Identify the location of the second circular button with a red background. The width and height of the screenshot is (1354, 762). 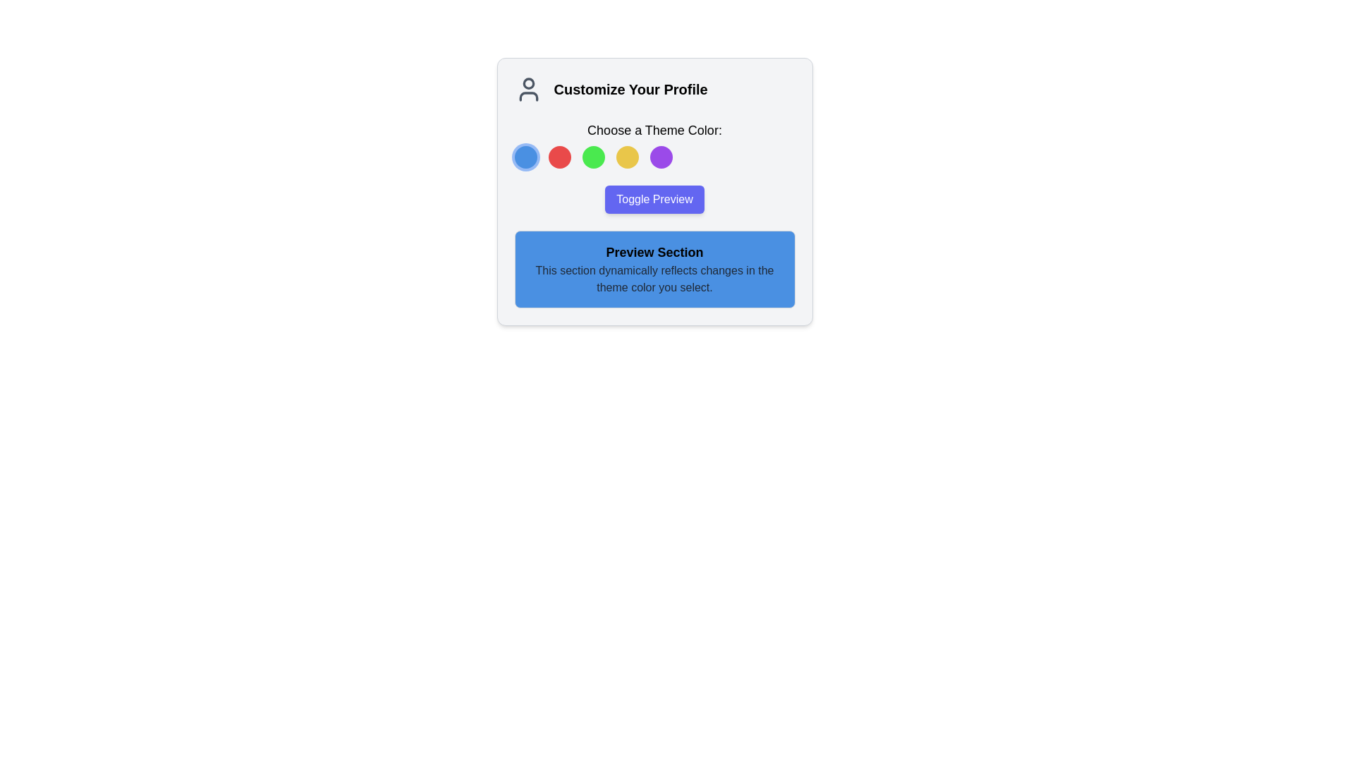
(559, 157).